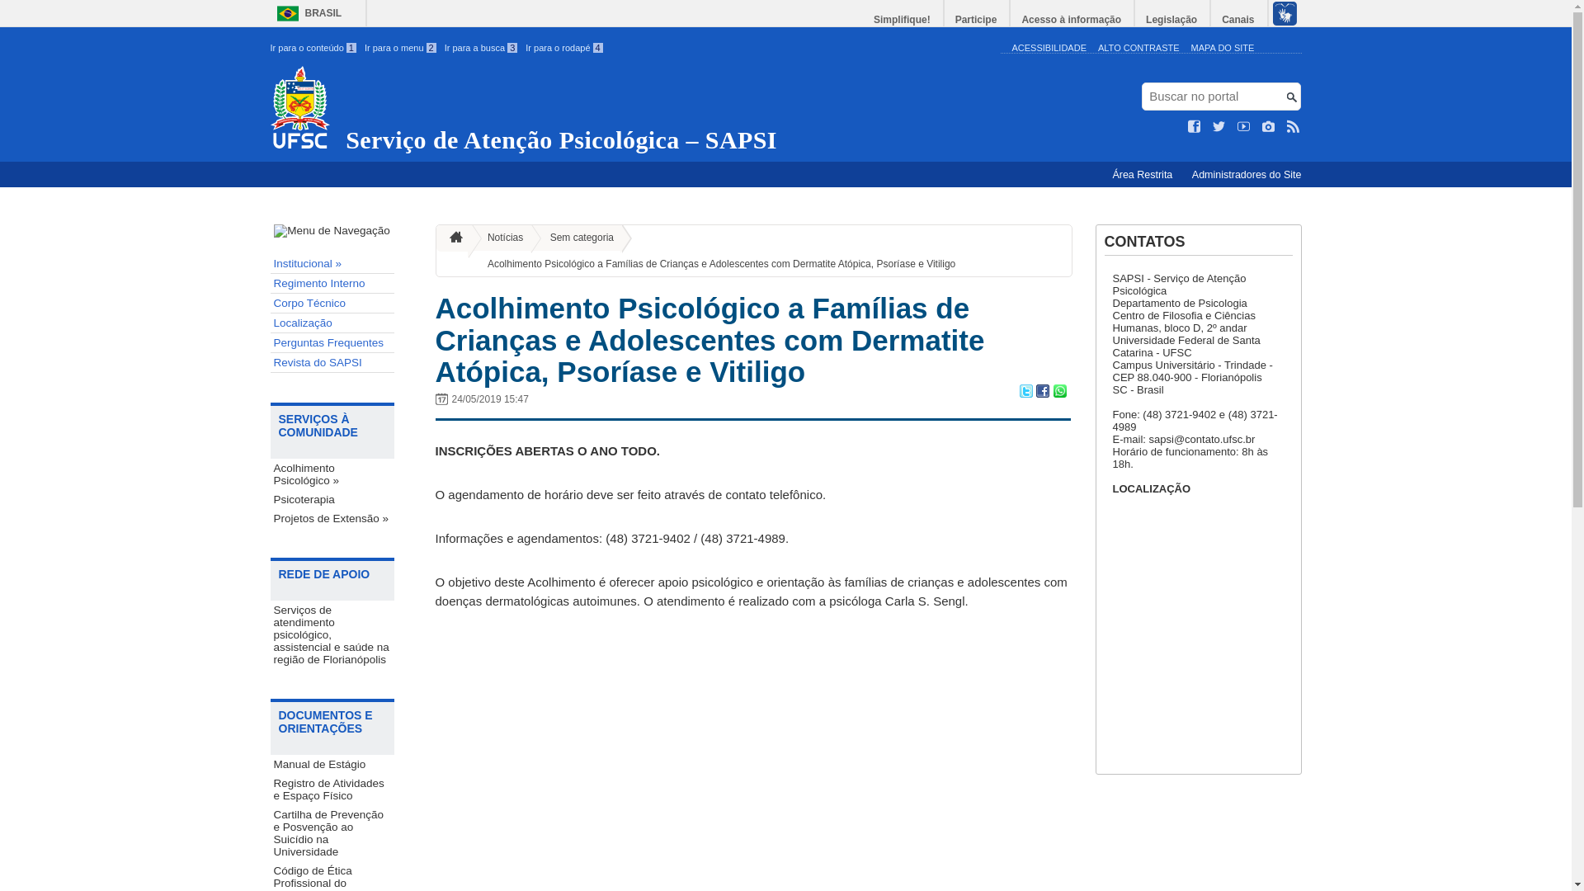 This screenshot has width=1584, height=891. I want to click on 'Compartilhar no WhatsApp', so click(1058, 393).